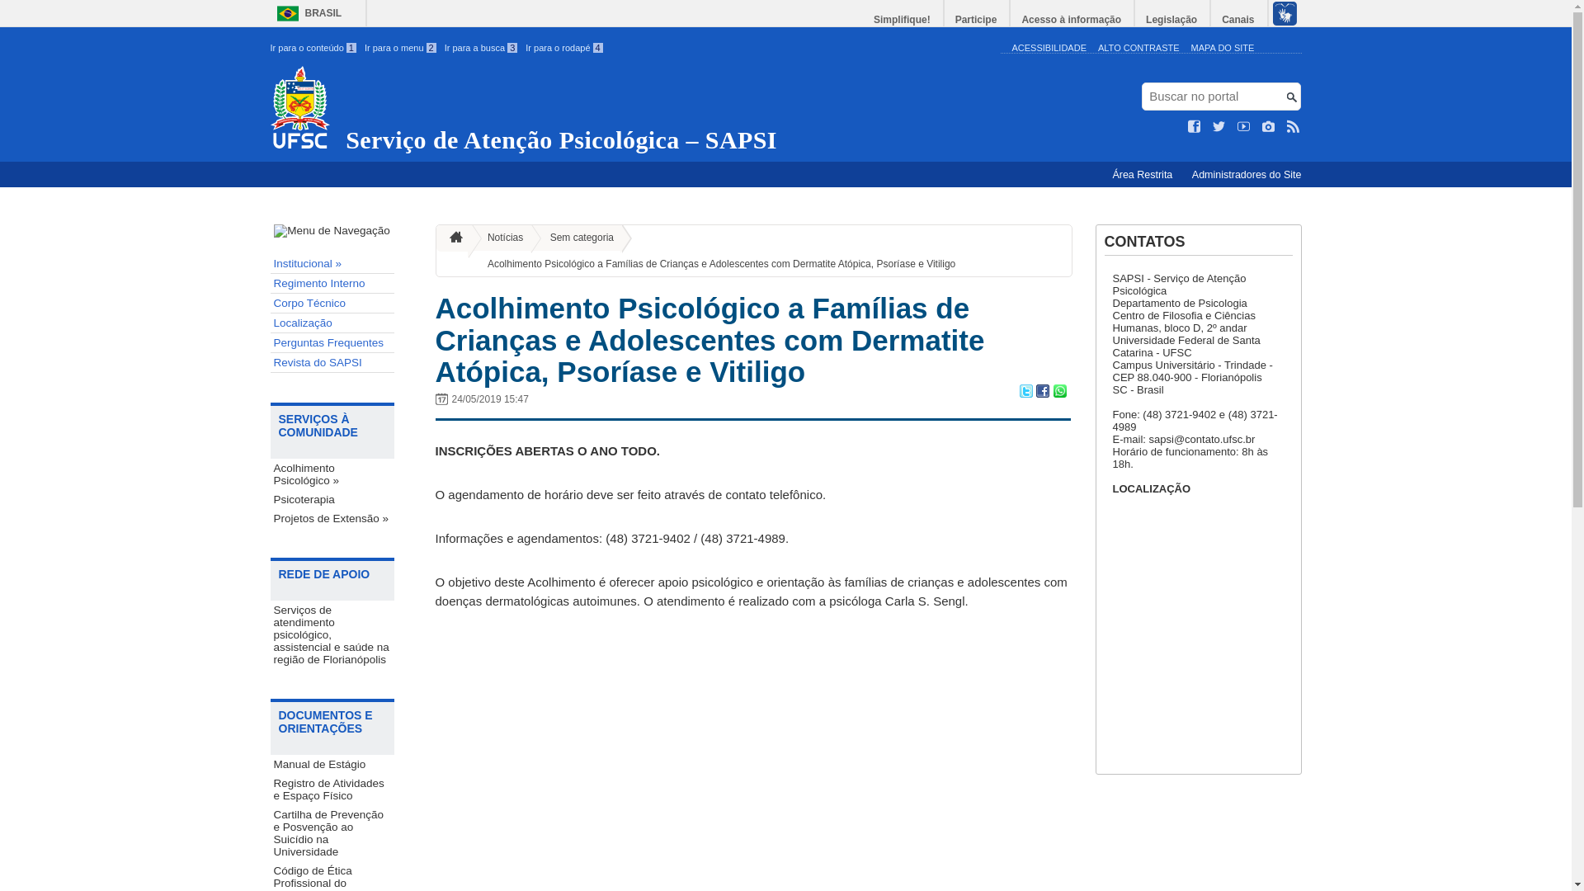 This screenshot has width=1584, height=891. I want to click on 'Compartilhar no WhatsApp', so click(1058, 393).